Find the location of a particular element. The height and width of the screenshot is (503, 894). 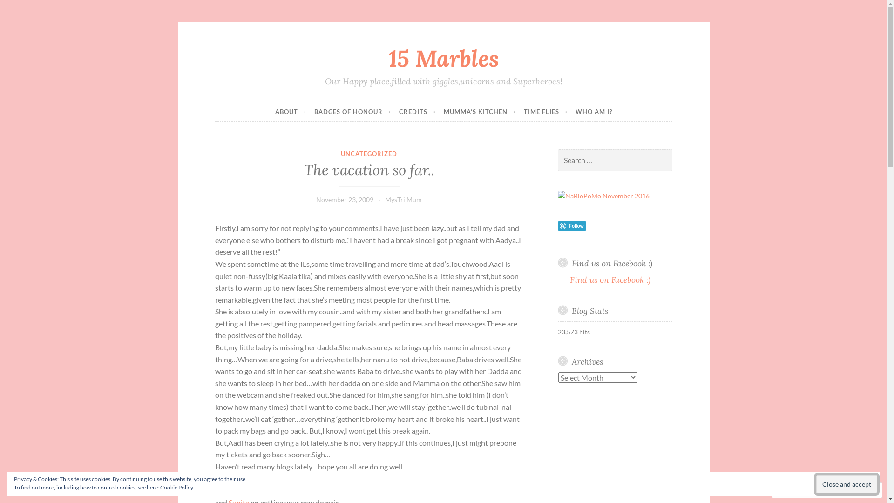

'15 Marbles' is located at coordinates (443, 58).